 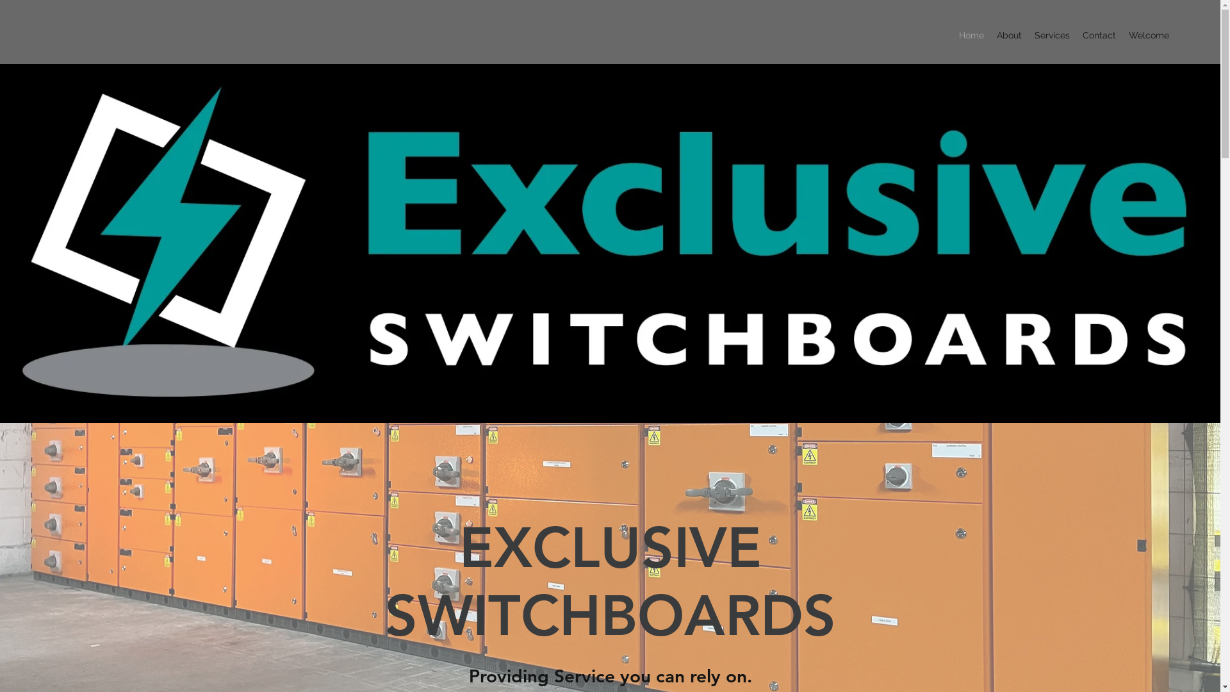 I want to click on 'Contact', so click(x=1099, y=34).